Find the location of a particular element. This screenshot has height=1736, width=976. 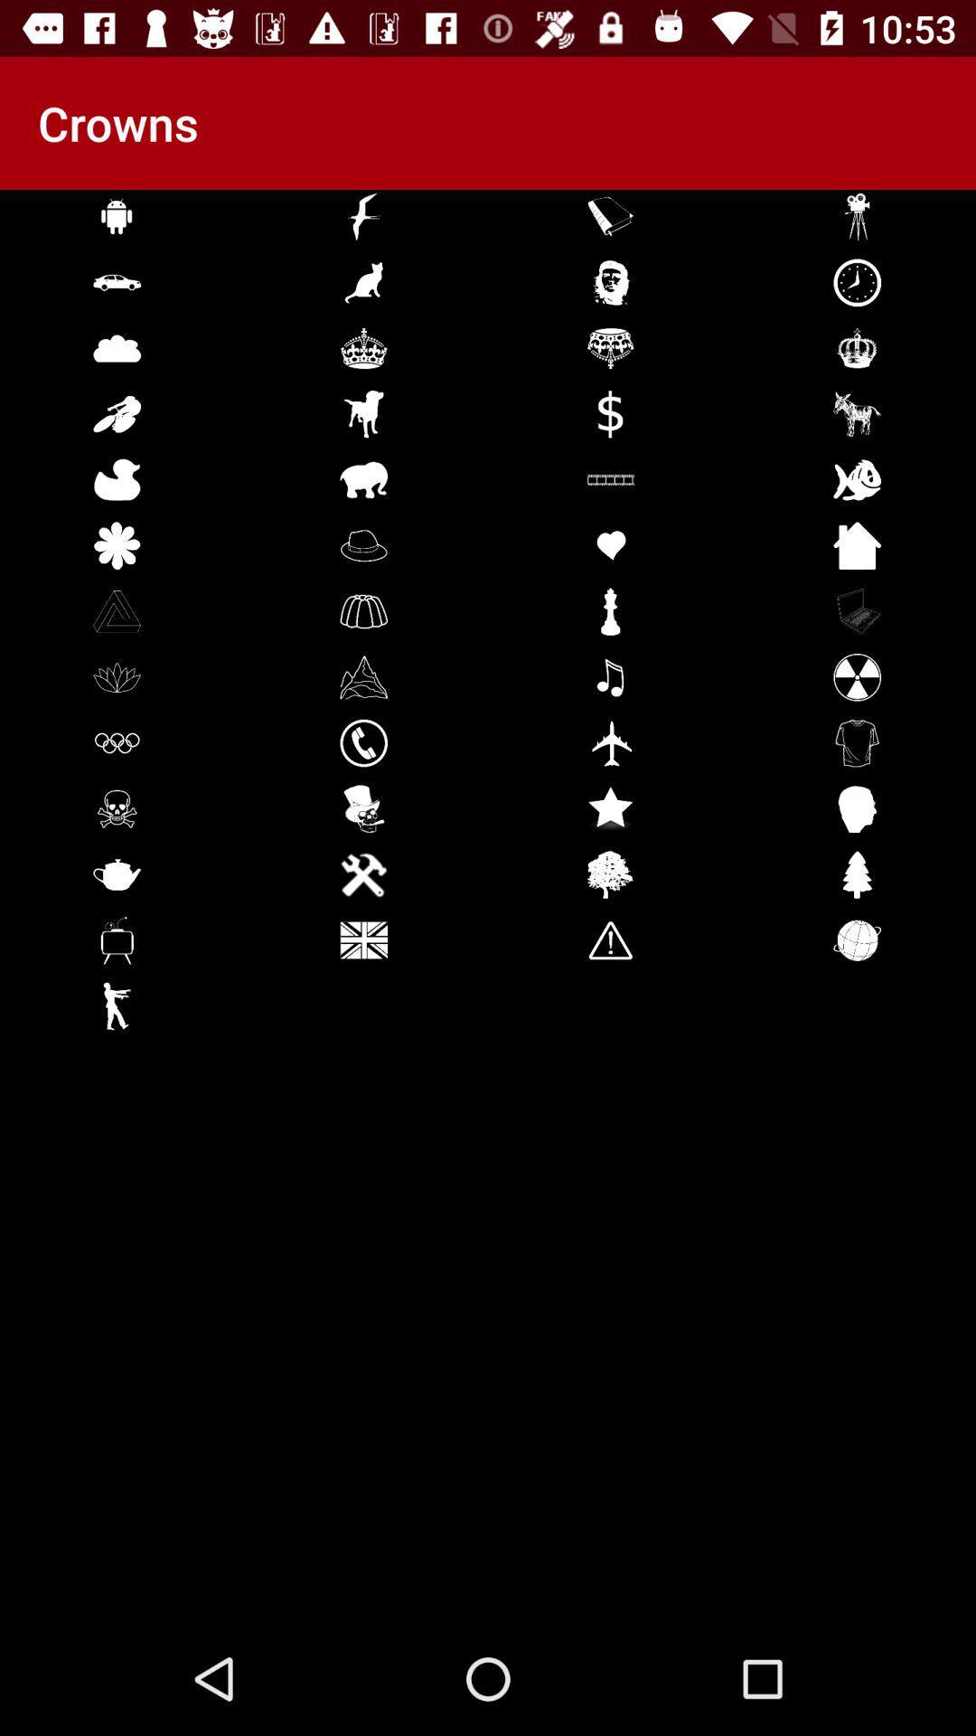

the third image in the fifth row is located at coordinates (610, 480).